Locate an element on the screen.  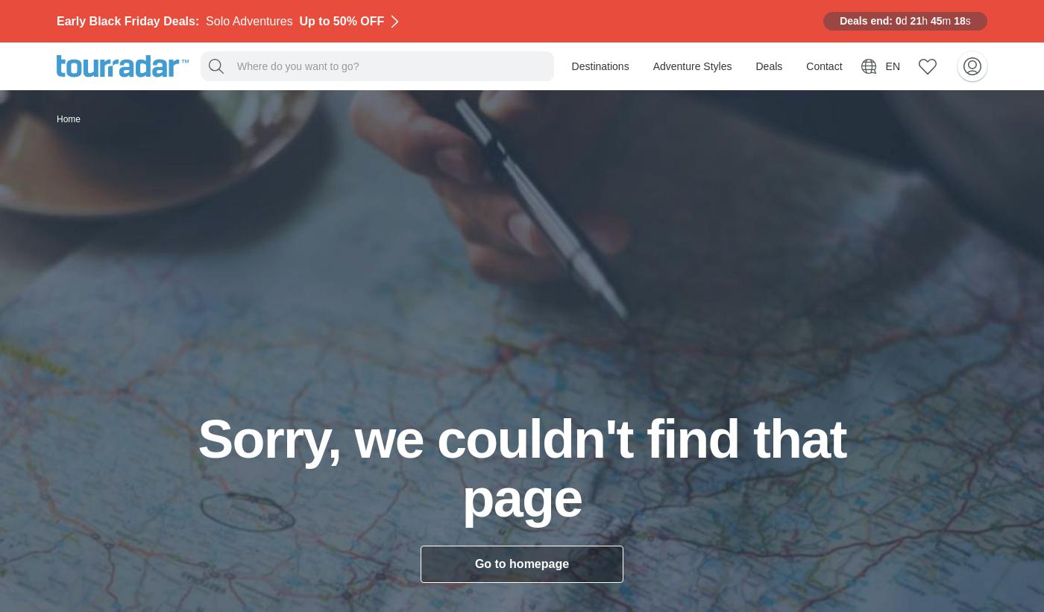
'Up to 50% OFF' is located at coordinates (340, 19).